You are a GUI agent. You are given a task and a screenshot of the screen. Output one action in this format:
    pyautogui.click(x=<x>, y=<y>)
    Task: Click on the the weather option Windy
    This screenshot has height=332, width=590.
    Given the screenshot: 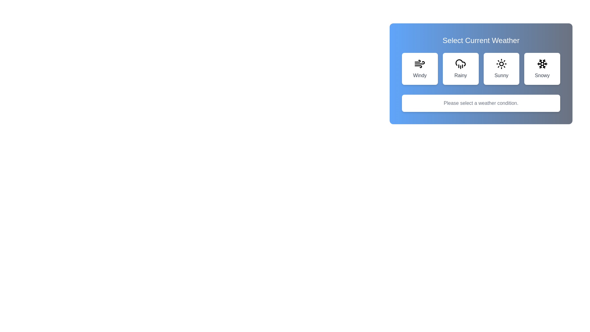 What is the action you would take?
    pyautogui.click(x=419, y=69)
    